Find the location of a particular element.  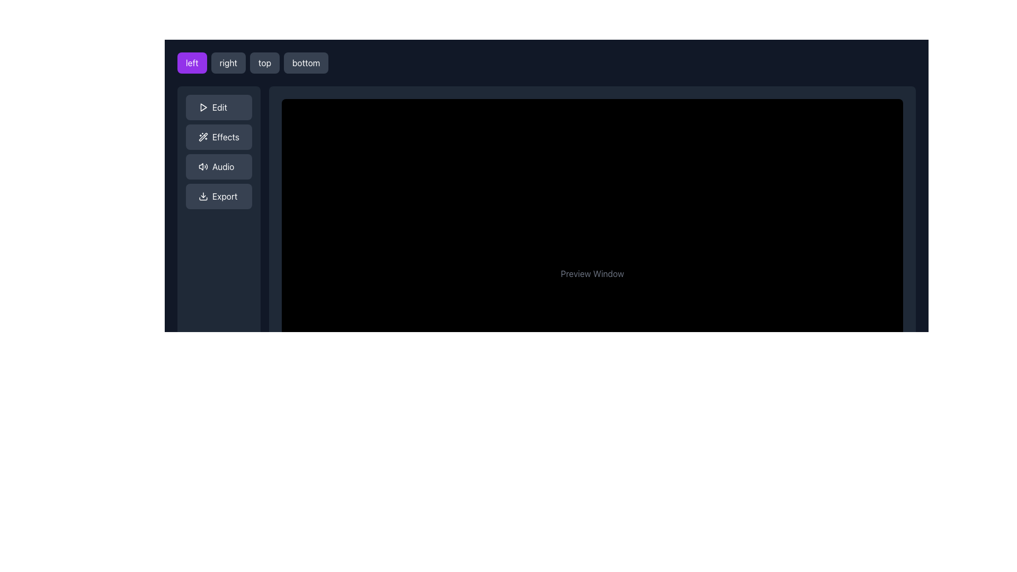

the fourth button in a horizontal group of buttons, located near the top of the interface is located at coordinates (306, 63).